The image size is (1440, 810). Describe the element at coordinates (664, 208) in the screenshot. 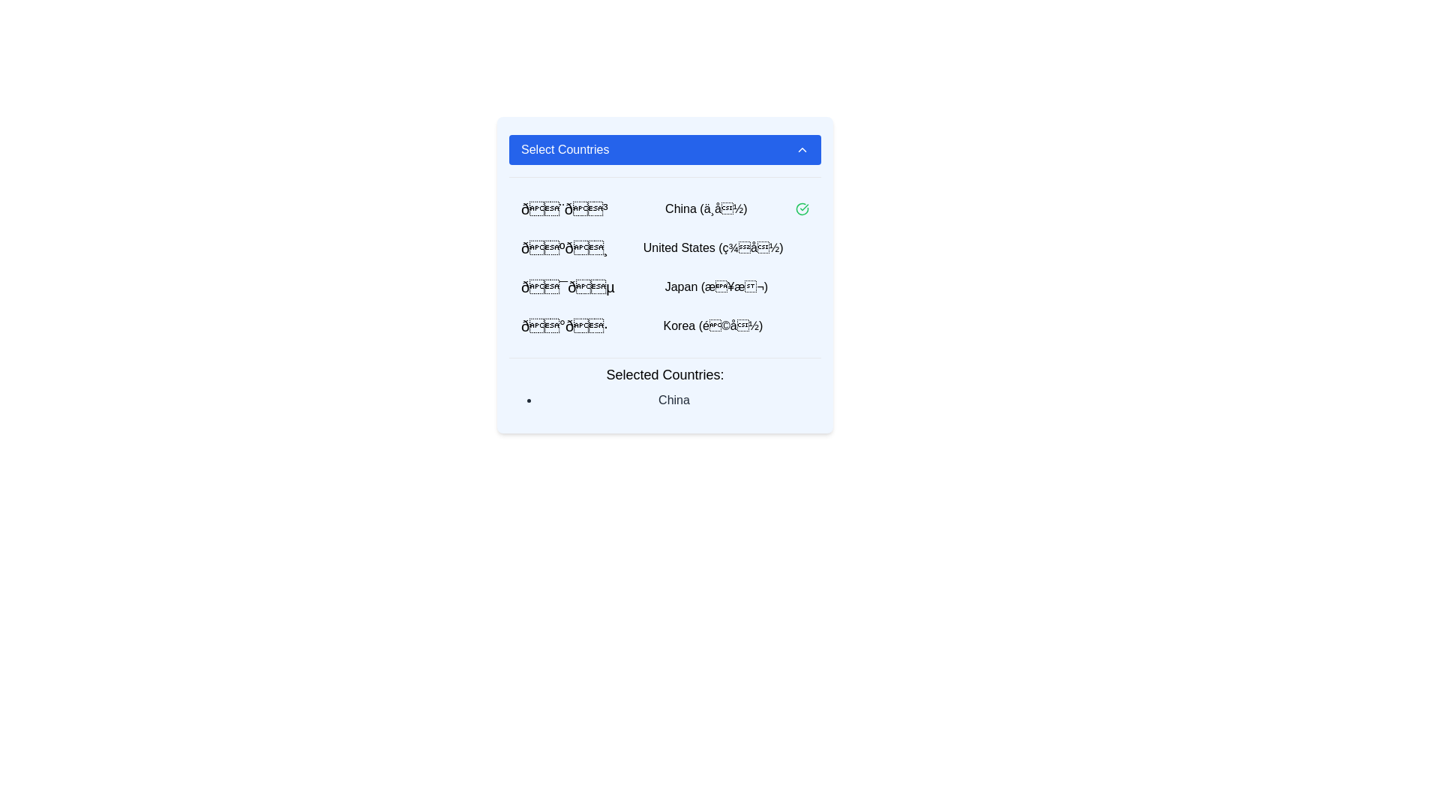

I see `the selectable list item for 'China'` at that location.